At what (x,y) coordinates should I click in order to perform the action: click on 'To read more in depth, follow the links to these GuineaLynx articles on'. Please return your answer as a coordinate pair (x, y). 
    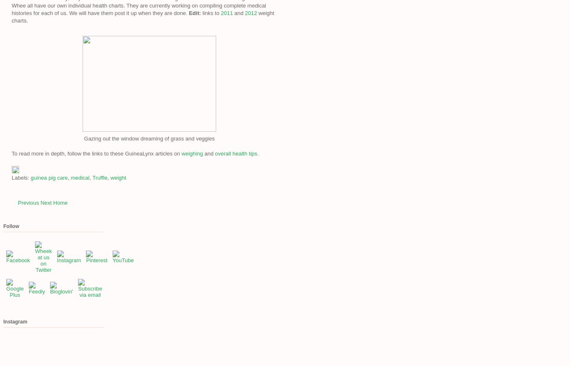
    Looking at the image, I should click on (96, 153).